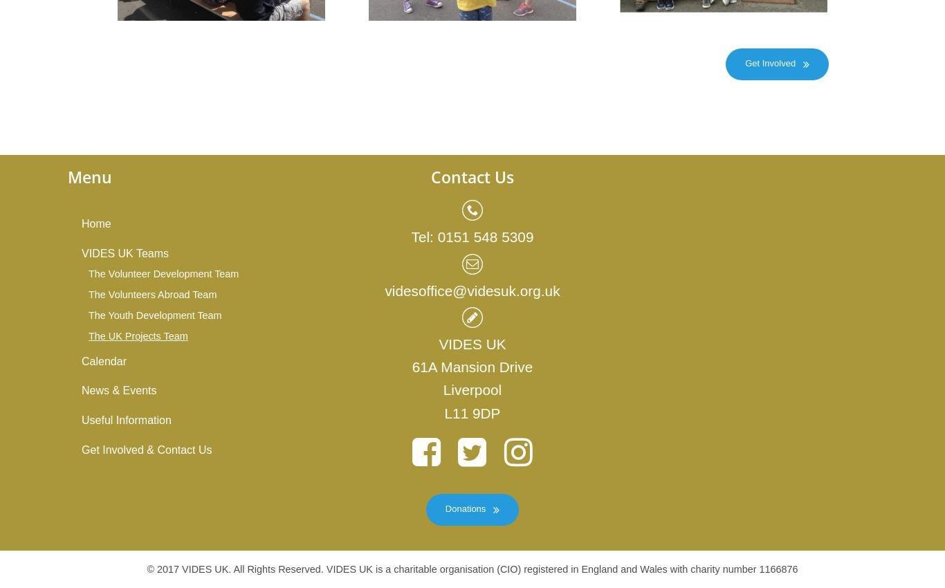 The height and width of the screenshot is (588, 945). Describe the element at coordinates (471, 569) in the screenshot. I see `'© 2017 VIDES UK. All Rights Reserved. VIDES UK is a charitable organisation (CIO) registered in England and Wales with charity number 1166876'` at that location.